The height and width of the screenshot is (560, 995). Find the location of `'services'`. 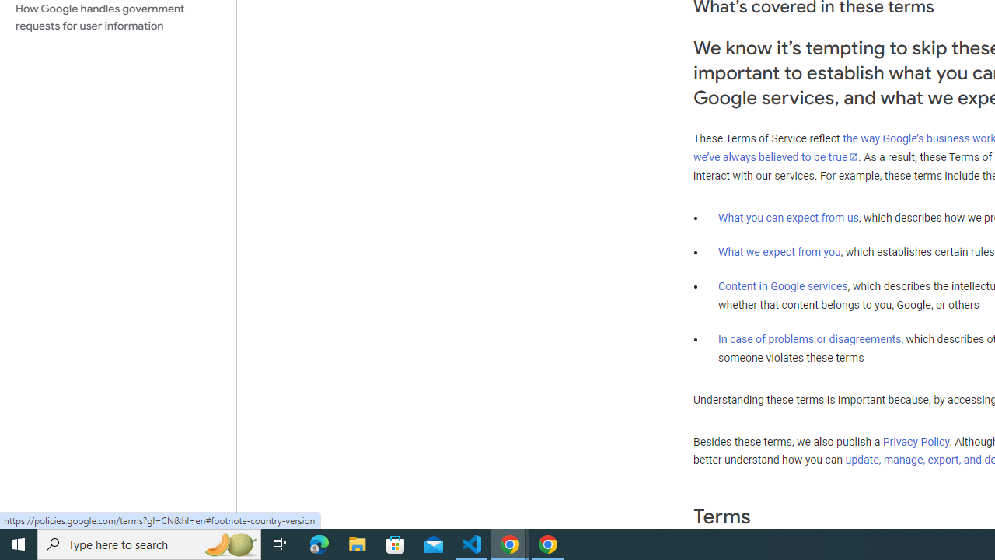

'services' is located at coordinates (798, 97).